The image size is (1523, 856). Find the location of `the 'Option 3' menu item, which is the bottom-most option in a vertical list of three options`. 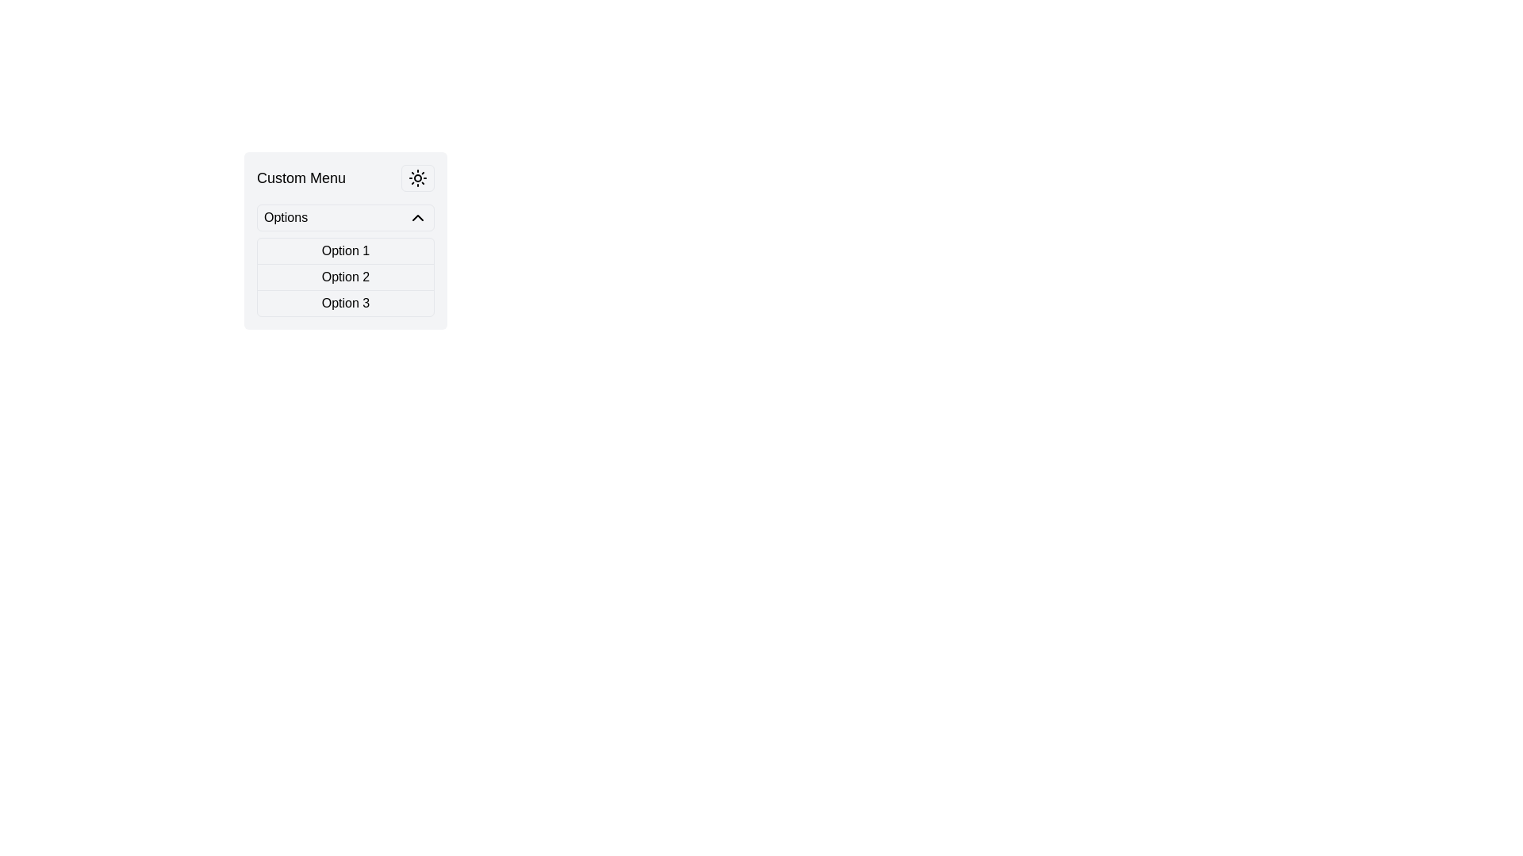

the 'Option 3' menu item, which is the bottom-most option in a vertical list of three options is located at coordinates (345, 303).